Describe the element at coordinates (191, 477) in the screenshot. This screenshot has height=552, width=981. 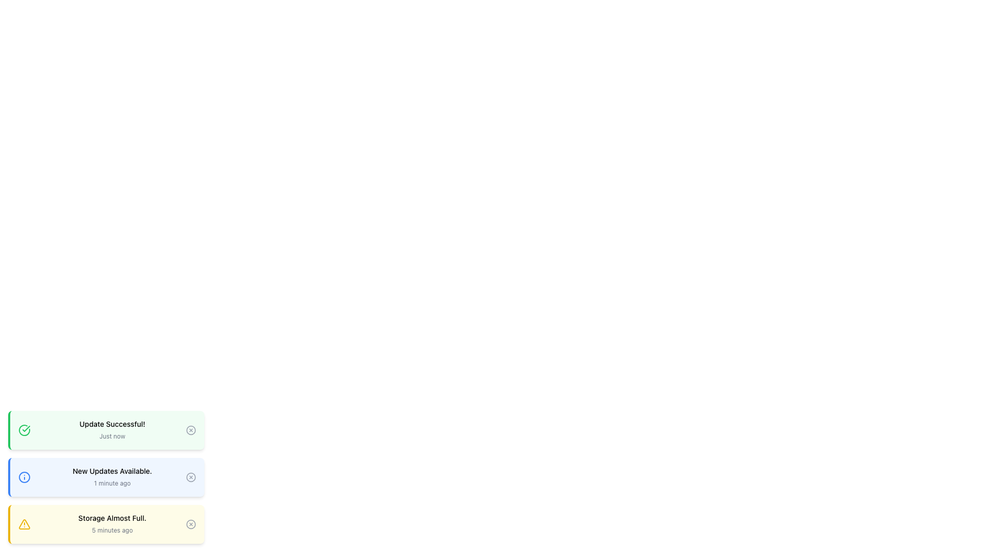
I see `the dismiss button, which is a circular icon with an 'X' symbol, located at the rightmost edge of the notification card displaying 'New Updates Available.'` at that location.